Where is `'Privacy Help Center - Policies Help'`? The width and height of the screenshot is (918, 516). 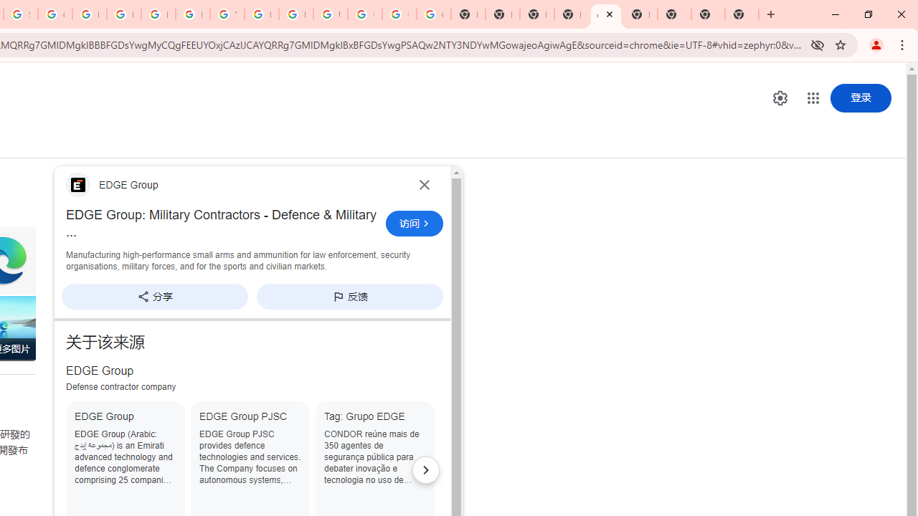 'Privacy Help Center - Policies Help' is located at coordinates (123, 14).